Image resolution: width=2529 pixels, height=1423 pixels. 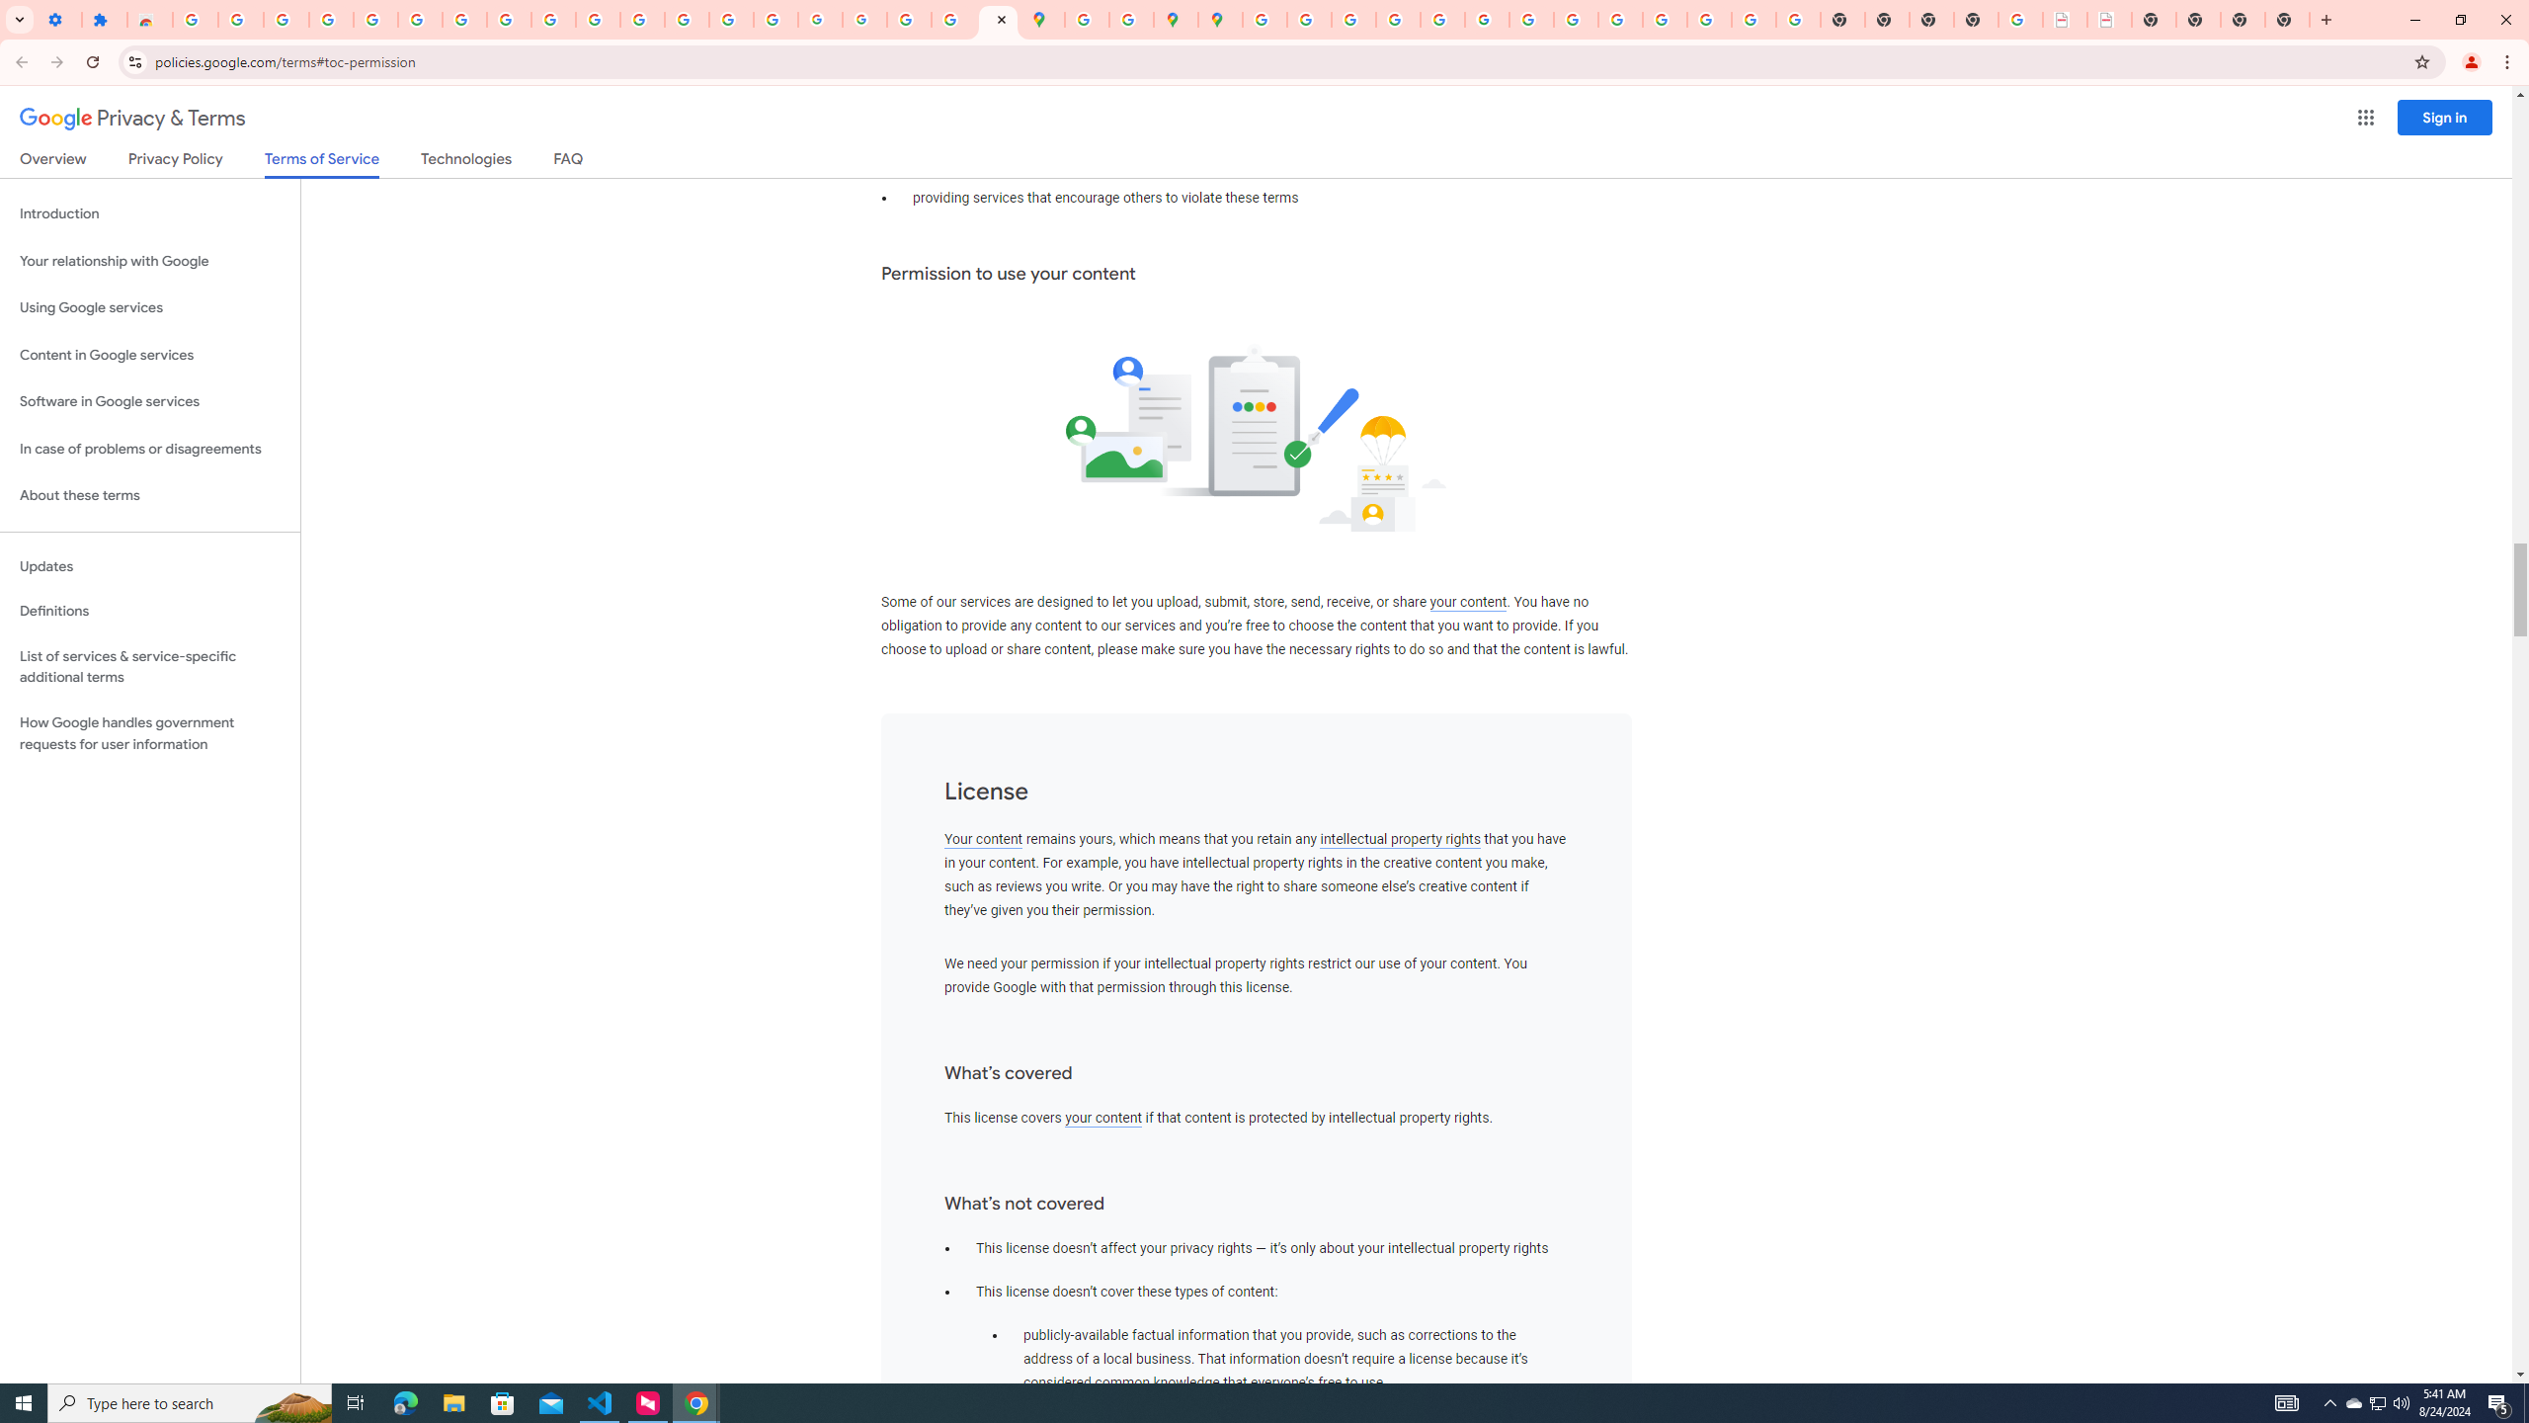 What do you see at coordinates (59, 19) in the screenshot?
I see `'Settings - On startup'` at bounding box center [59, 19].